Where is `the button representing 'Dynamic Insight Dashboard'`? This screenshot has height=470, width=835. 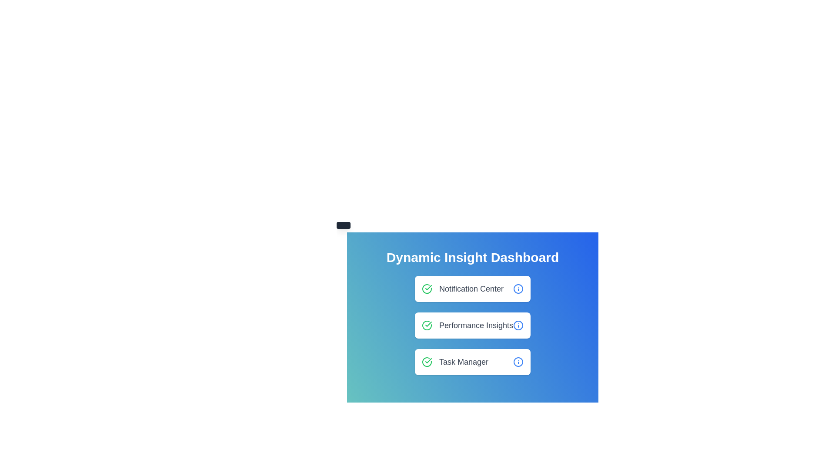 the button representing 'Dynamic Insight Dashboard' is located at coordinates (472, 312).